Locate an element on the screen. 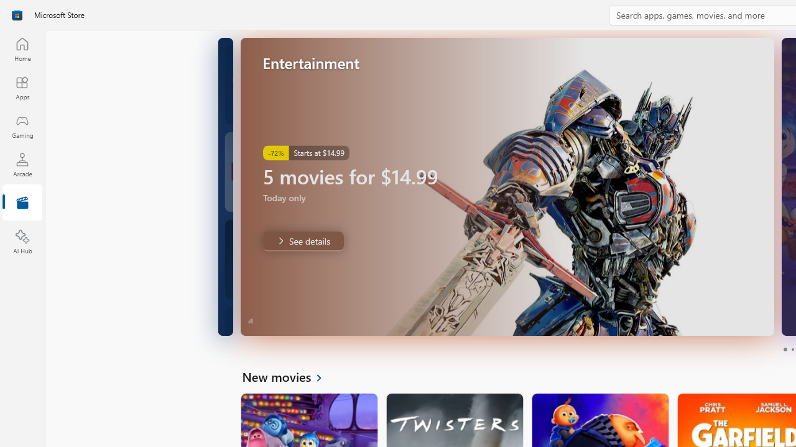  'AI Hub' is located at coordinates (22, 242).